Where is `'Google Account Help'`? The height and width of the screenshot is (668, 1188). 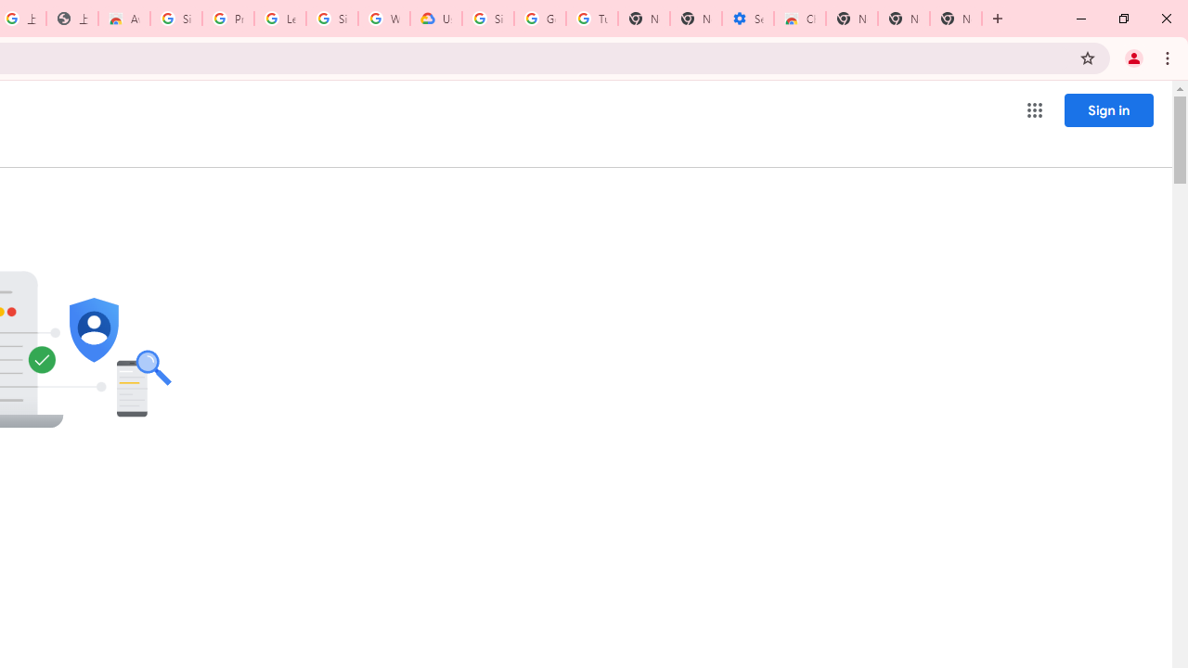 'Google Account Help' is located at coordinates (539, 19).